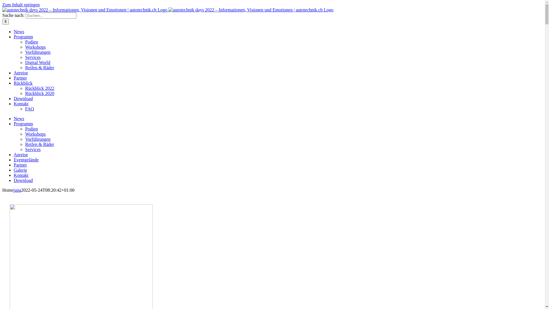 This screenshot has height=309, width=549. Describe the element at coordinates (25, 134) in the screenshot. I see `'Workshops'` at that location.